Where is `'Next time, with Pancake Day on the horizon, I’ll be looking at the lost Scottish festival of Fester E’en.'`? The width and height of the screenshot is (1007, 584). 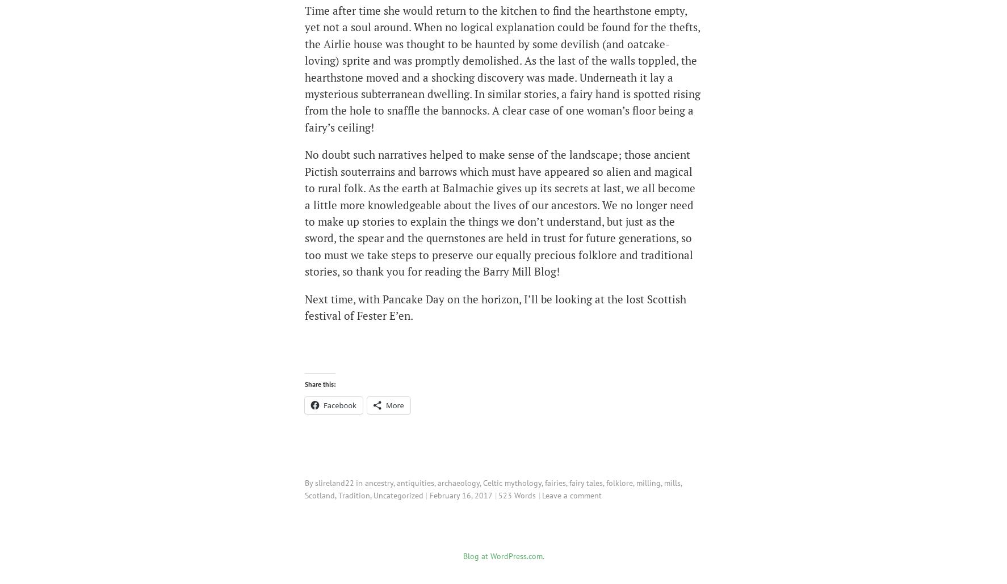 'Next time, with Pancake Day on the horizon, I’ll be looking at the lost Scottish festival of Fester E’en.' is located at coordinates (495, 307).